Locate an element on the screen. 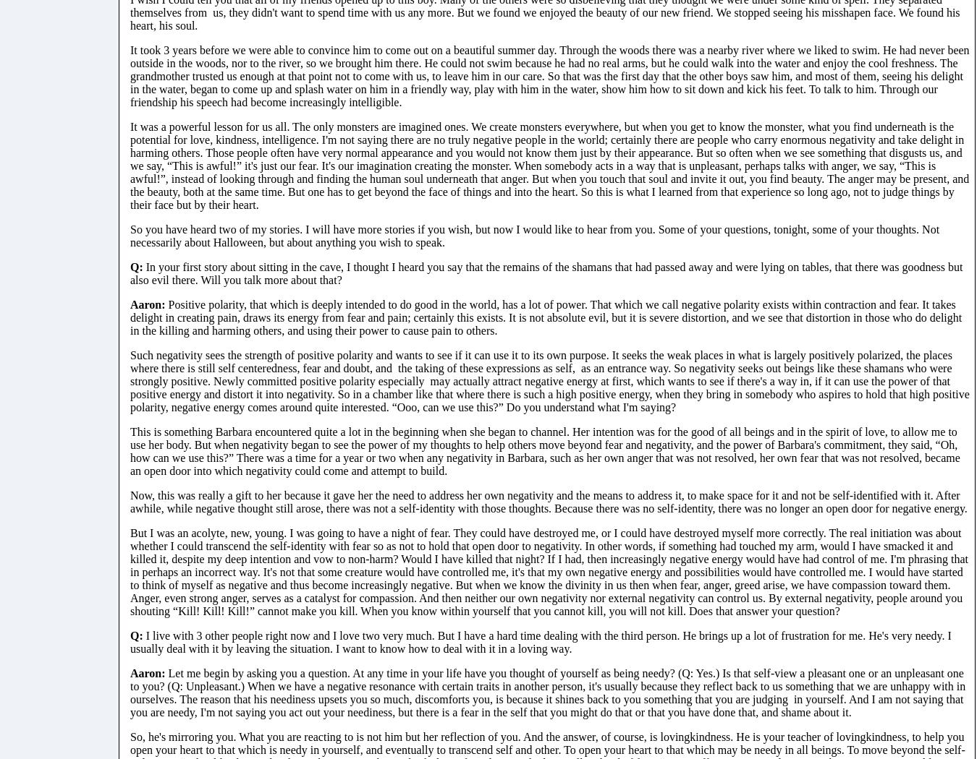 This screenshot has height=759, width=977. 'So you have heard two of my stories. I will have more stories if you wish, but now I would like to hear from you. Some of your questions, tonight, some of your thoughts. Not necessarily about Halloween, but about anything you wish to speak.' is located at coordinates (533, 235).